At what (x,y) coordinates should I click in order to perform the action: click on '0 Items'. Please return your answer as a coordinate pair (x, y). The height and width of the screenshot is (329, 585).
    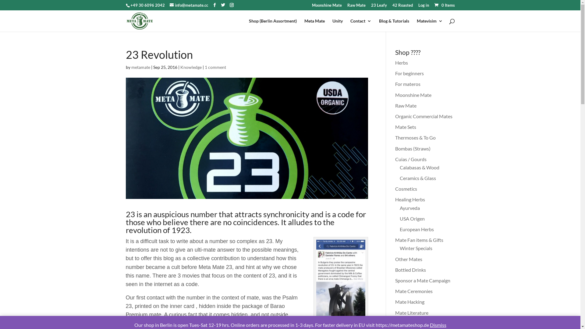
    Looking at the image, I should click on (444, 5).